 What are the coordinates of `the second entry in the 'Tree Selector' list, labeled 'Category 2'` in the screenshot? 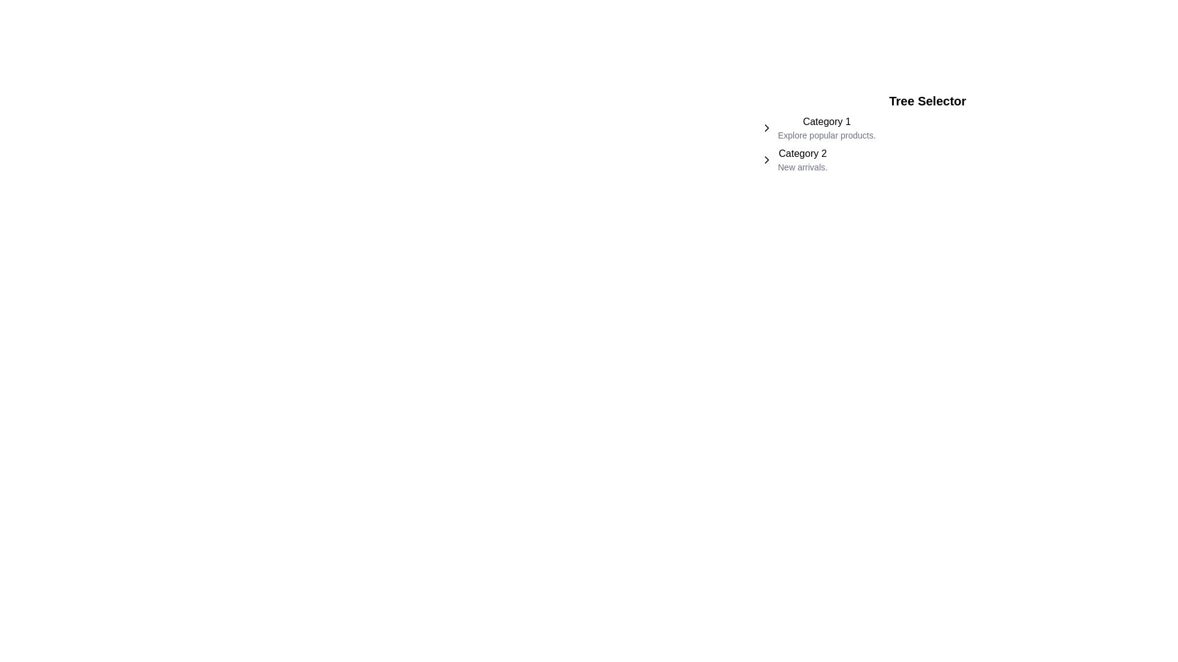 It's located at (803, 159).